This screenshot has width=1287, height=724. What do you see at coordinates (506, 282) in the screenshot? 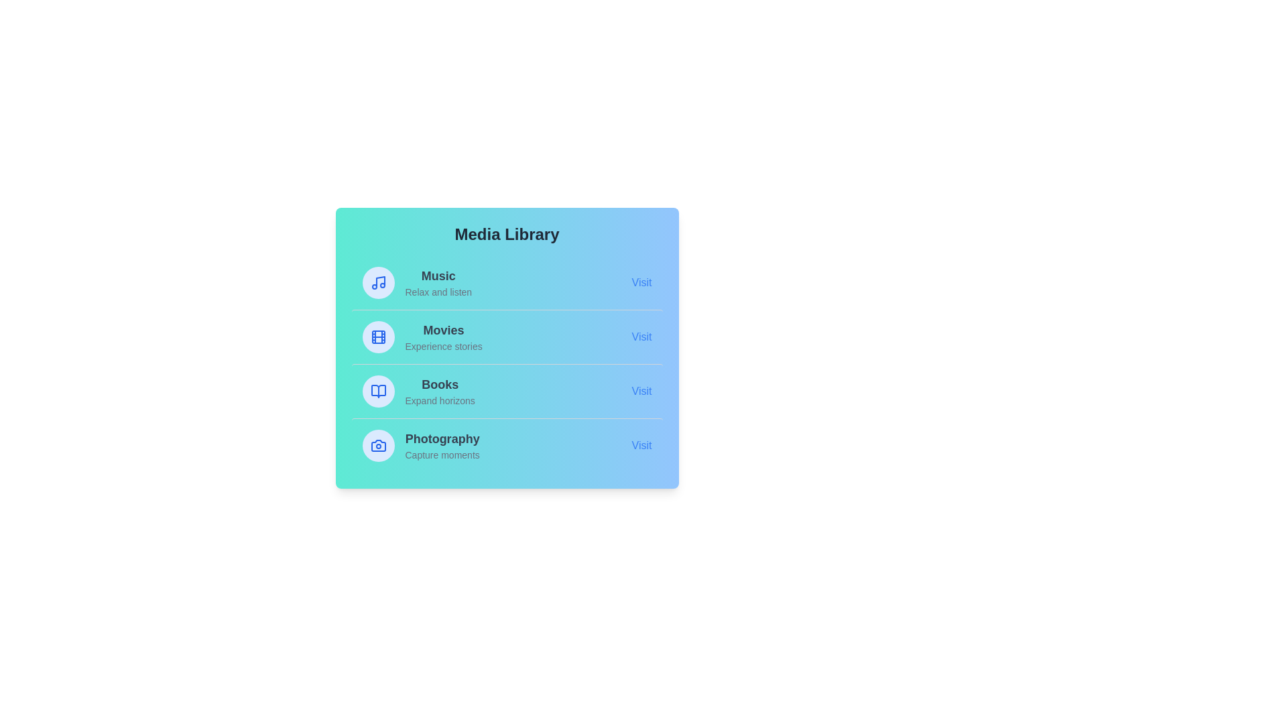
I see `the media item Music to observe the hover effect` at bounding box center [506, 282].